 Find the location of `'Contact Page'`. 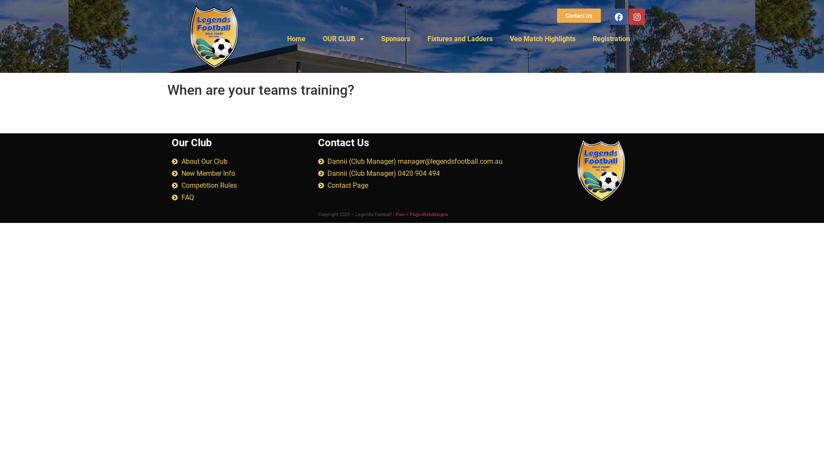

'Contact Page' is located at coordinates (317, 185).